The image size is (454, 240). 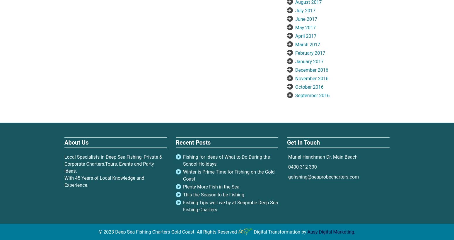 What do you see at coordinates (193, 142) in the screenshot?
I see `'Recent Posts'` at bounding box center [193, 142].